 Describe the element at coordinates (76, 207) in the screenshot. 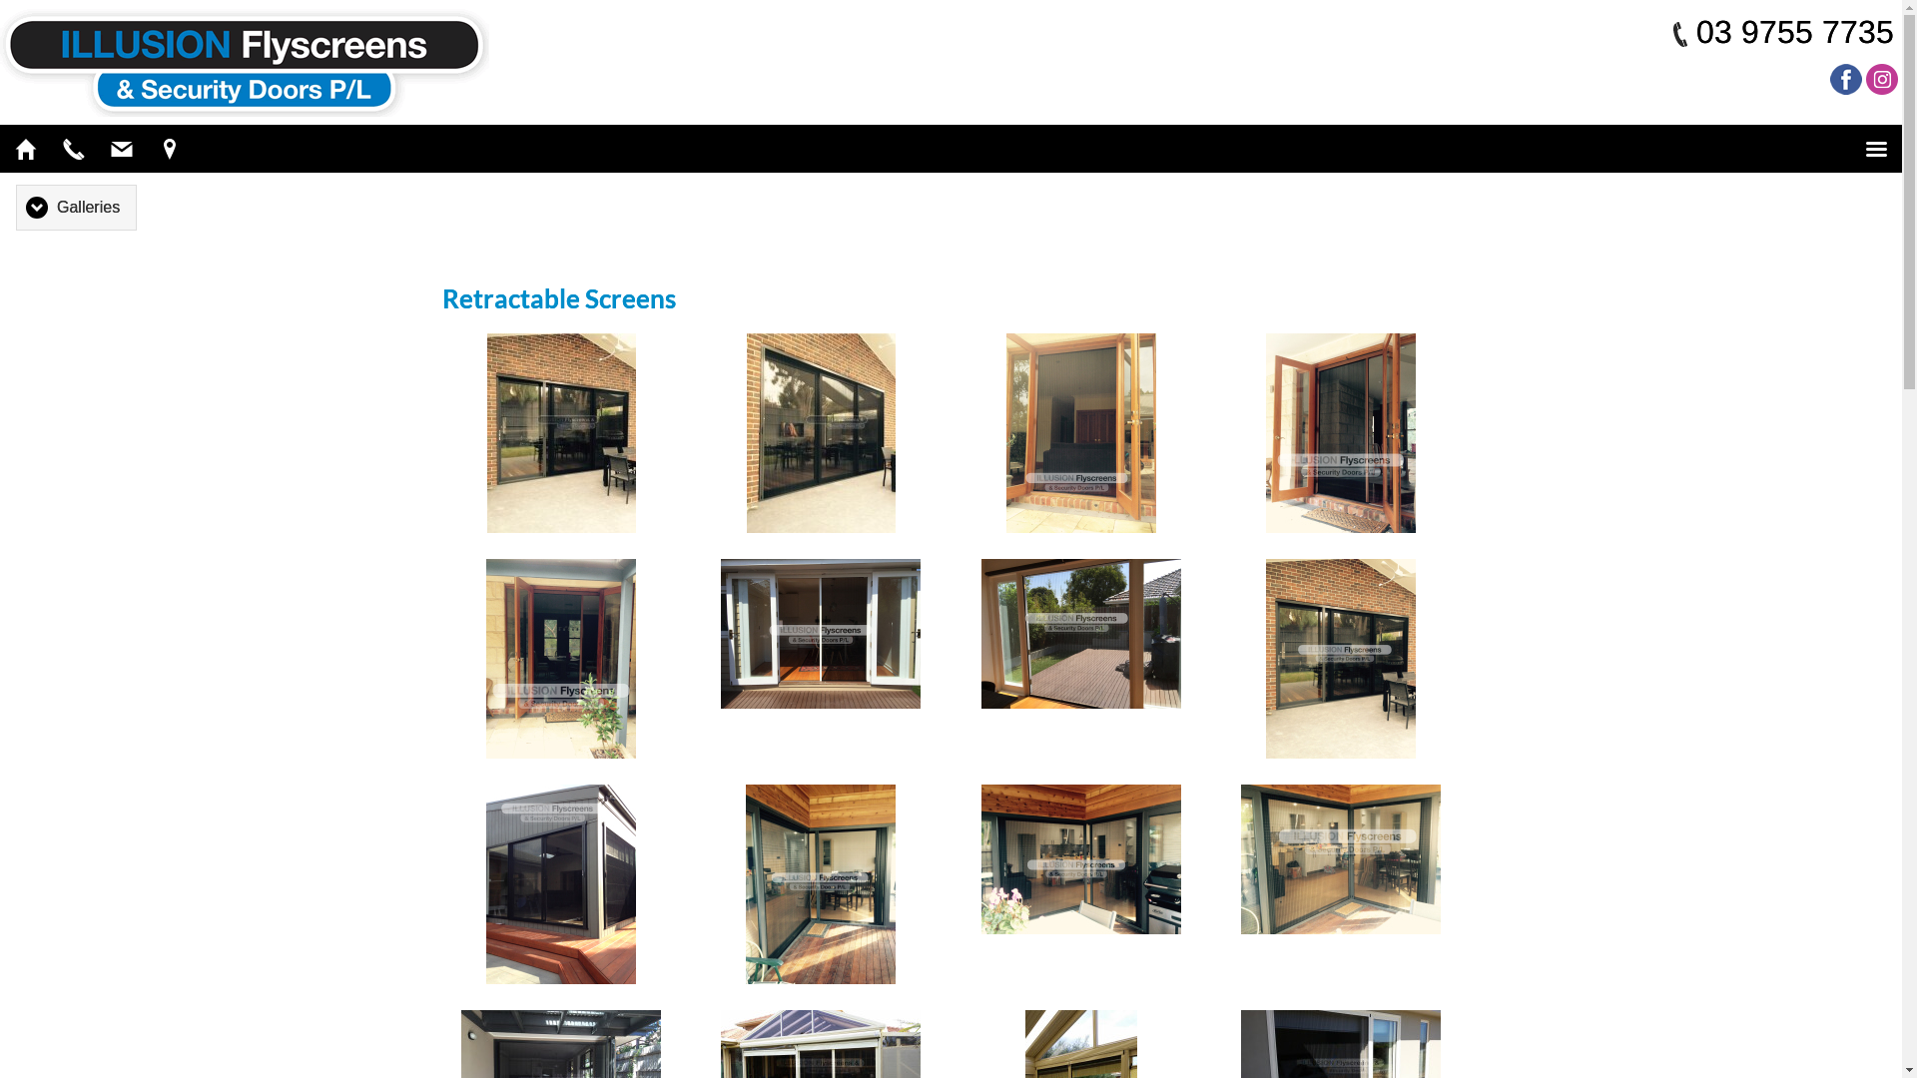

I see `'Galleries'` at that location.